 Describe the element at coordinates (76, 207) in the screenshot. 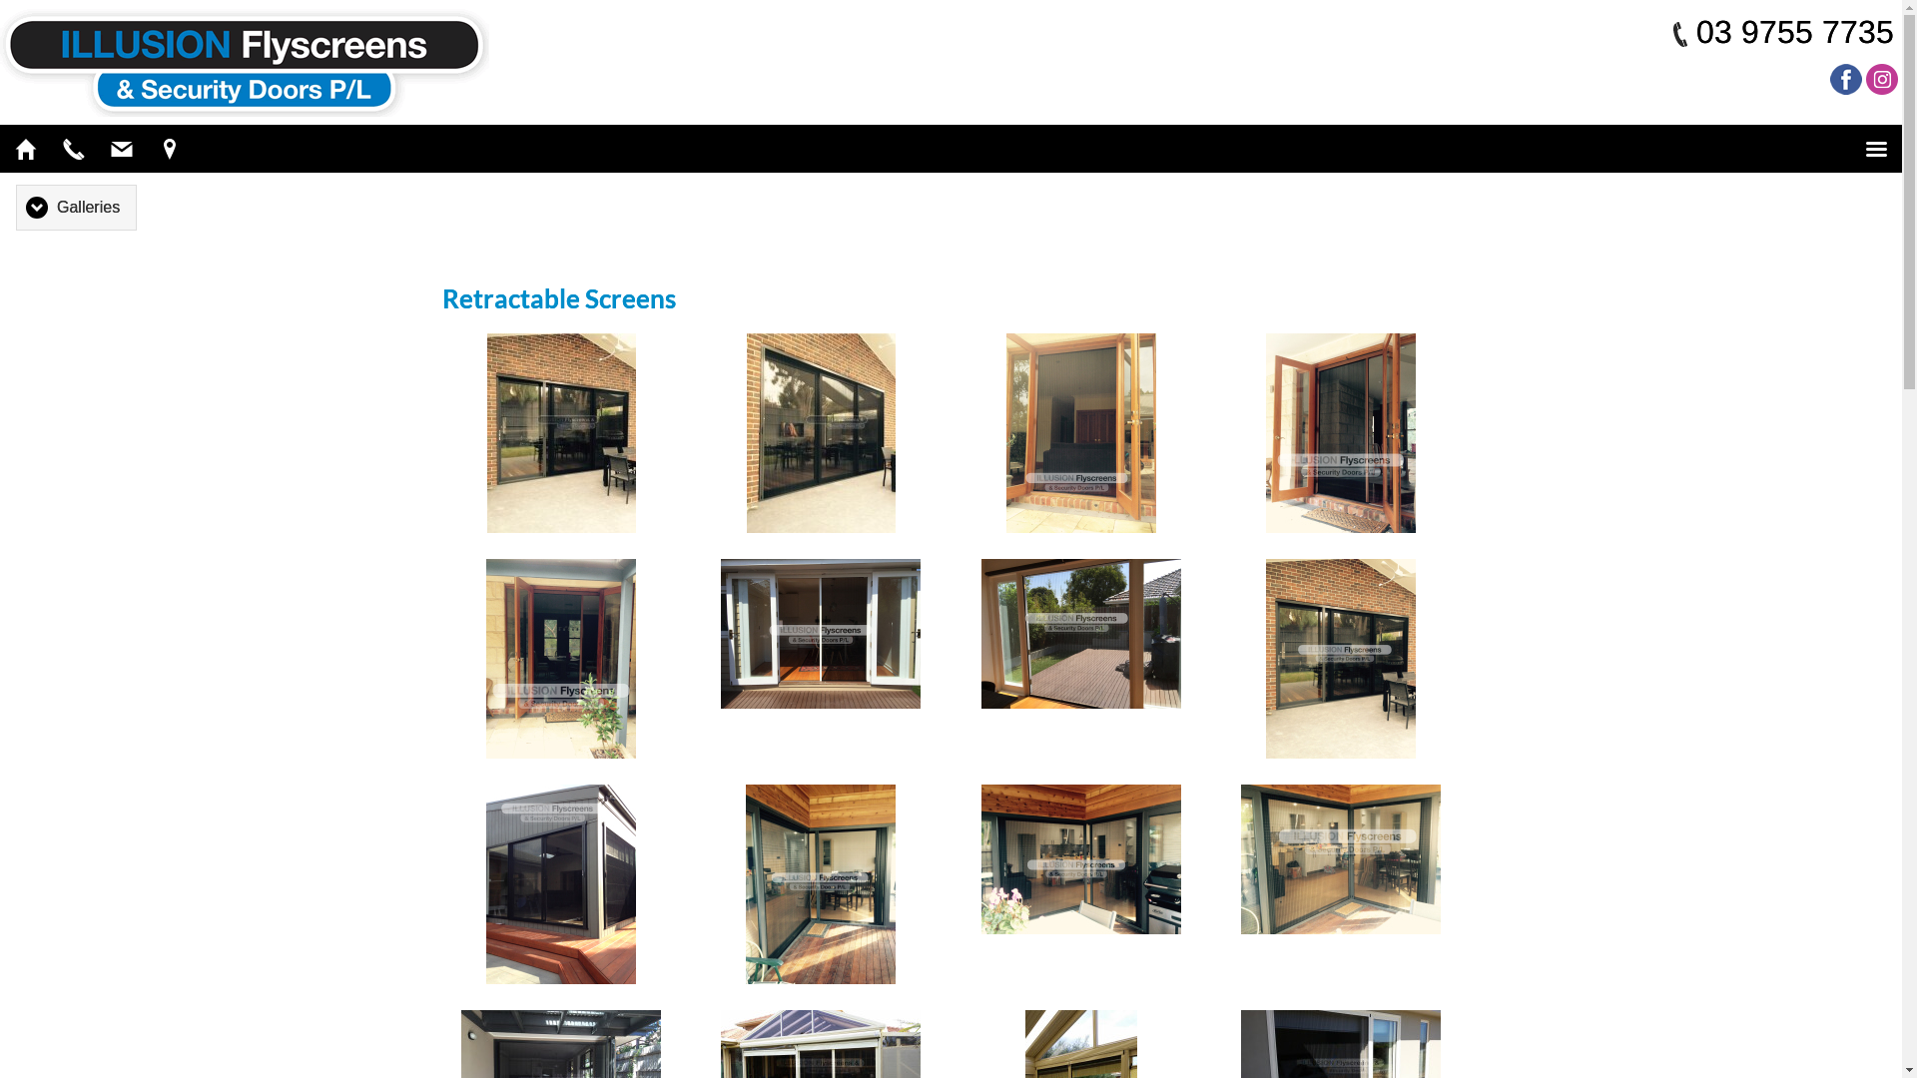

I see `'Galleries'` at that location.